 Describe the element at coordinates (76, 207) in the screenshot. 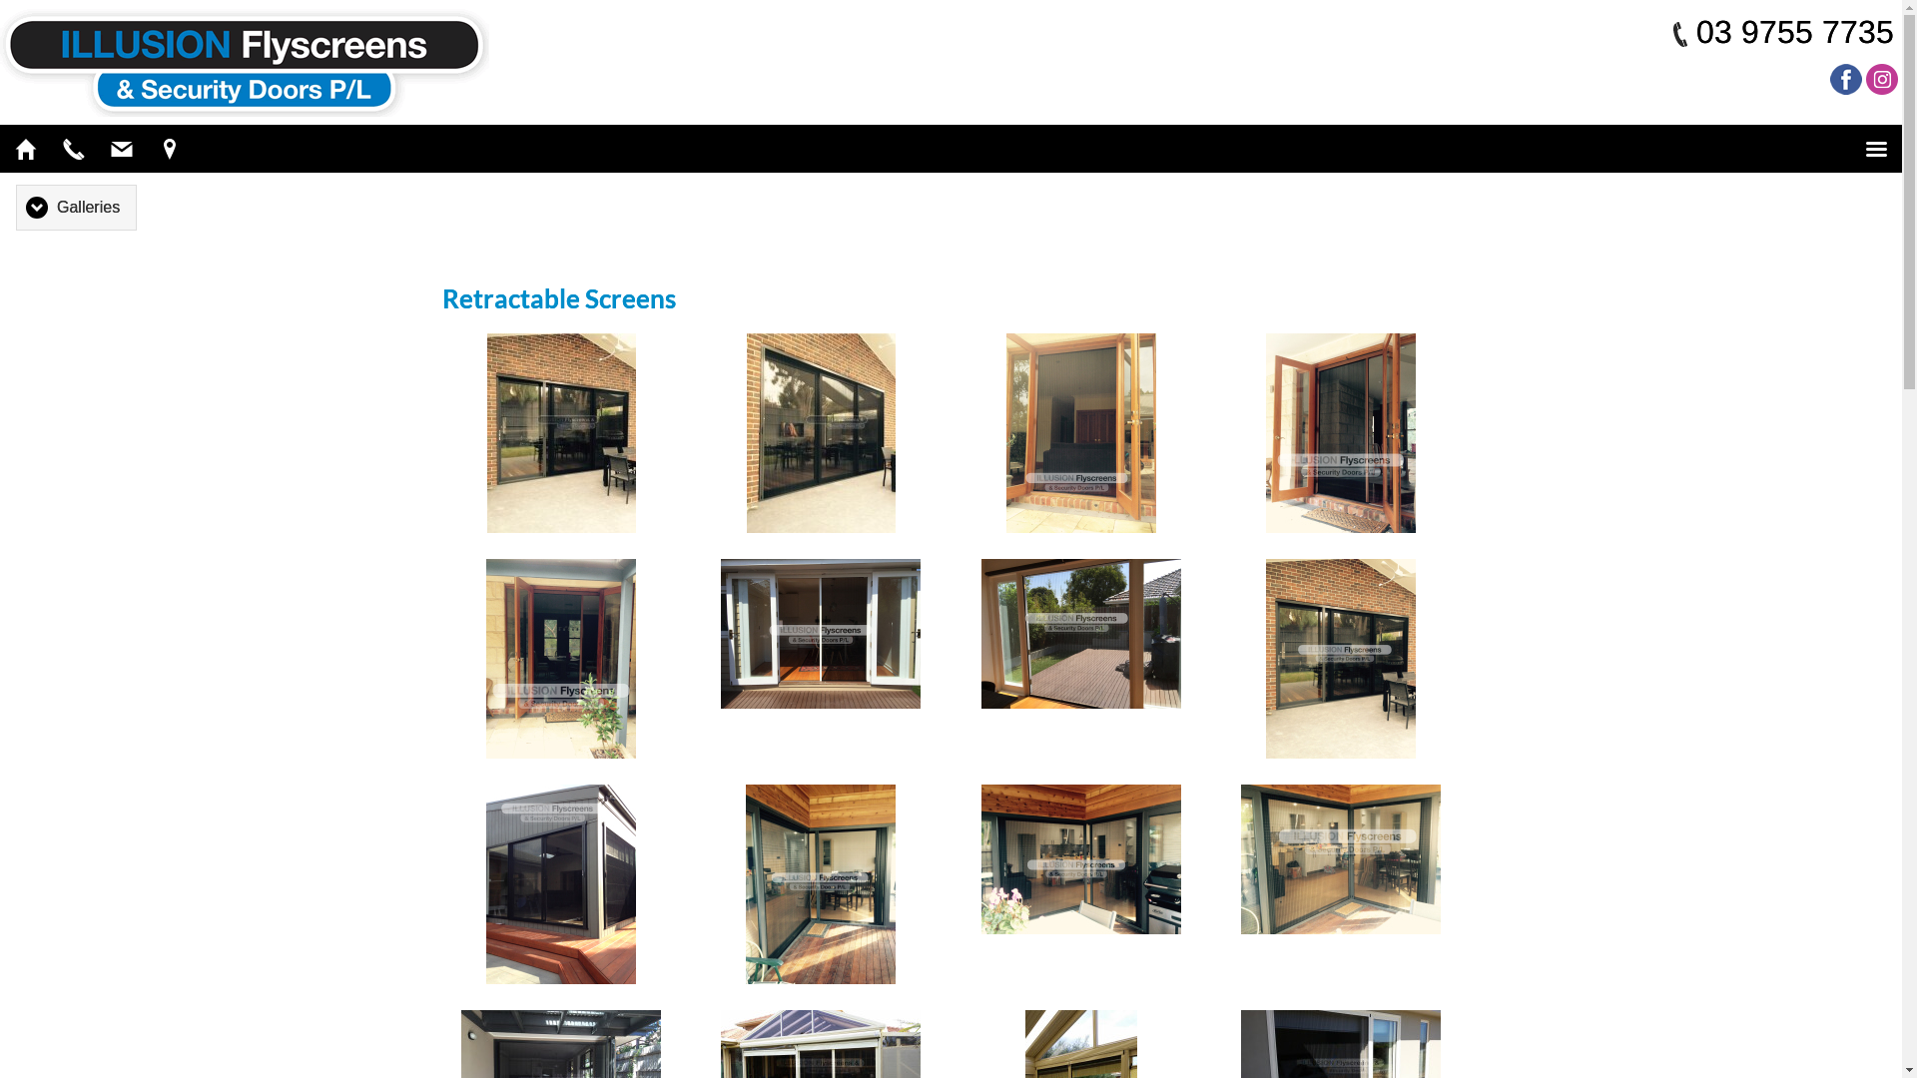

I see `'Galleries'` at that location.